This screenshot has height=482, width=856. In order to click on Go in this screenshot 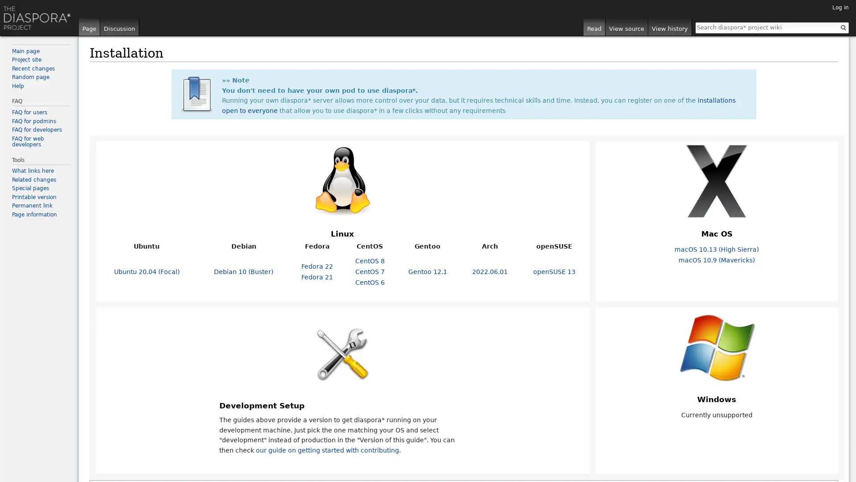, I will do `click(843, 27)`.